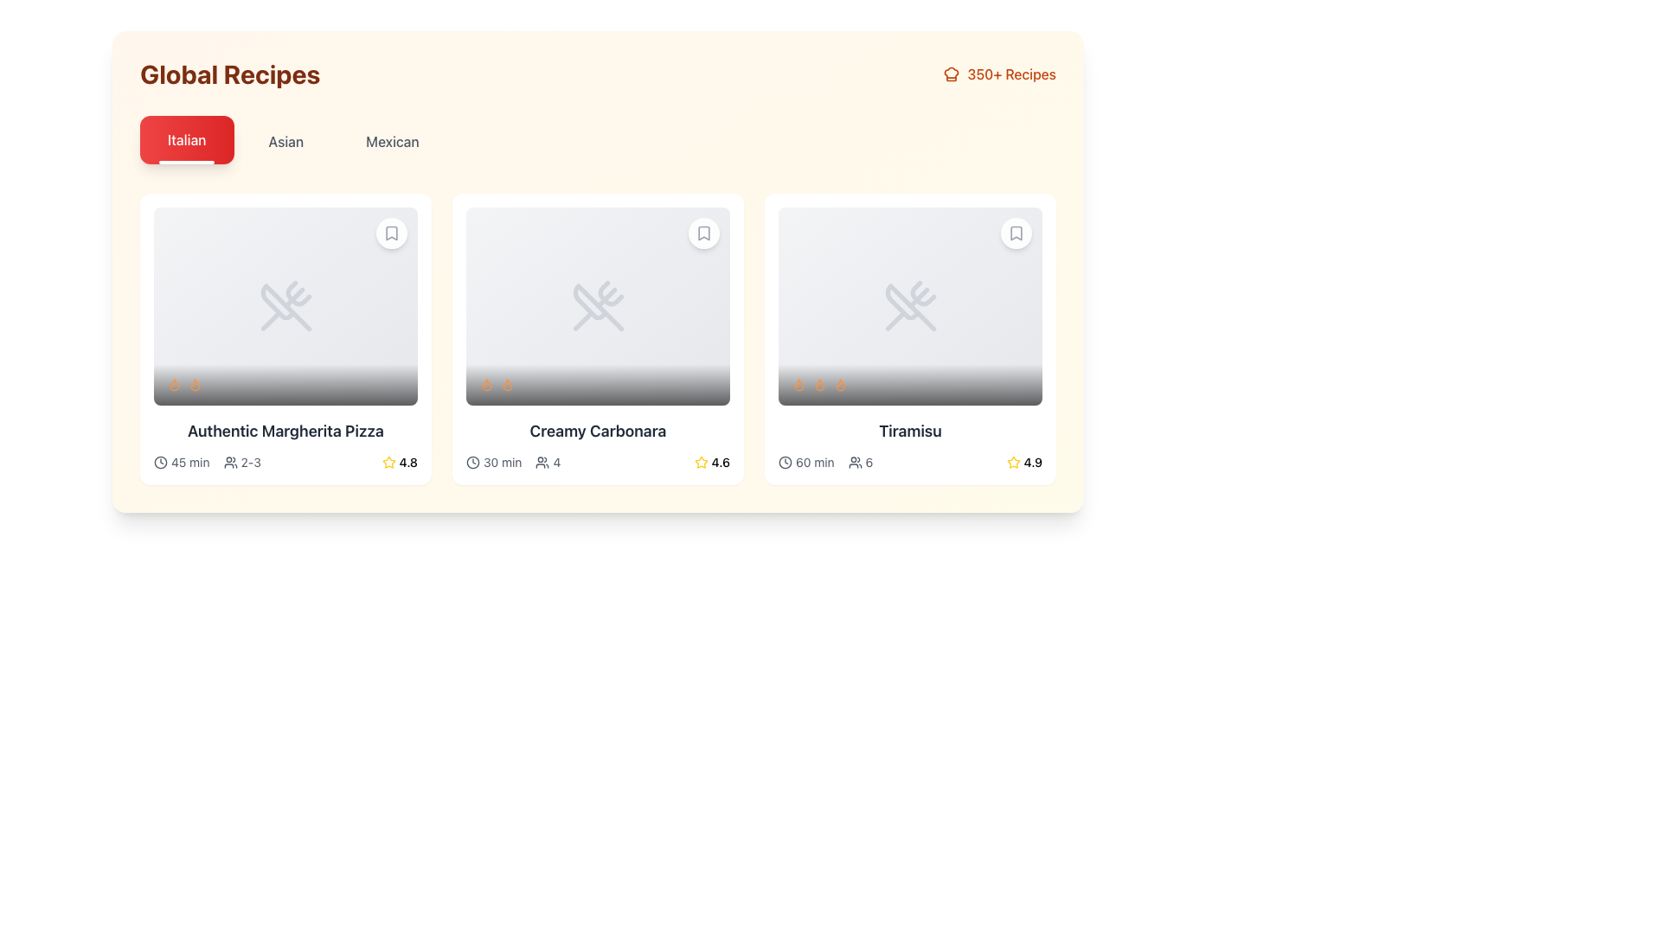  What do you see at coordinates (784, 461) in the screenshot?
I see `the clock icon next to the '60 min' text in the third card titled 'Tiramisu' under the 'Italian' category` at bounding box center [784, 461].